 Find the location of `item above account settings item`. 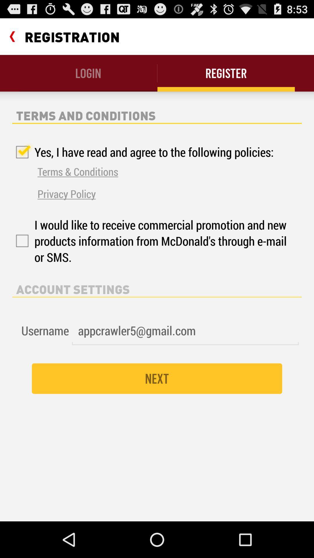

item above account settings item is located at coordinates (151, 241).